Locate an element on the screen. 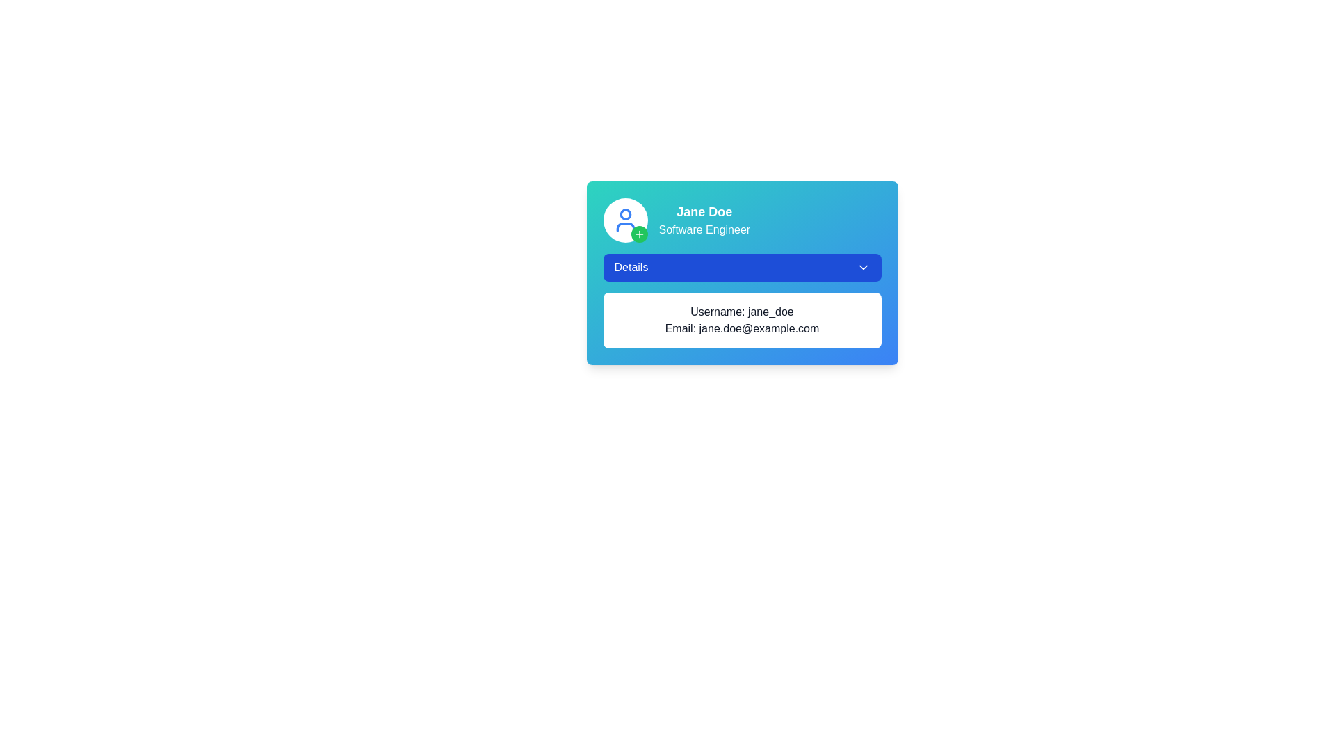 Image resolution: width=1335 pixels, height=751 pixels. the chevron icon located to the far right of the 'Details' button is located at coordinates (862, 268).